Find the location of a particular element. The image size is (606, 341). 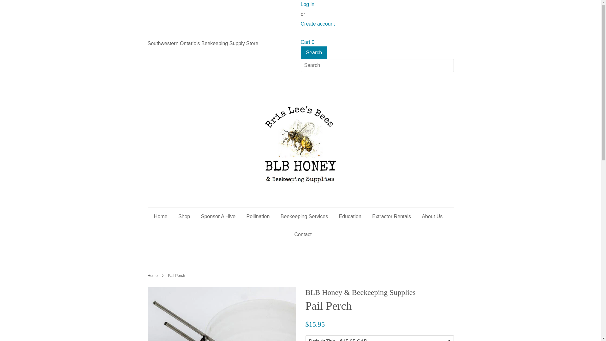

'About Us' is located at coordinates (431, 216).